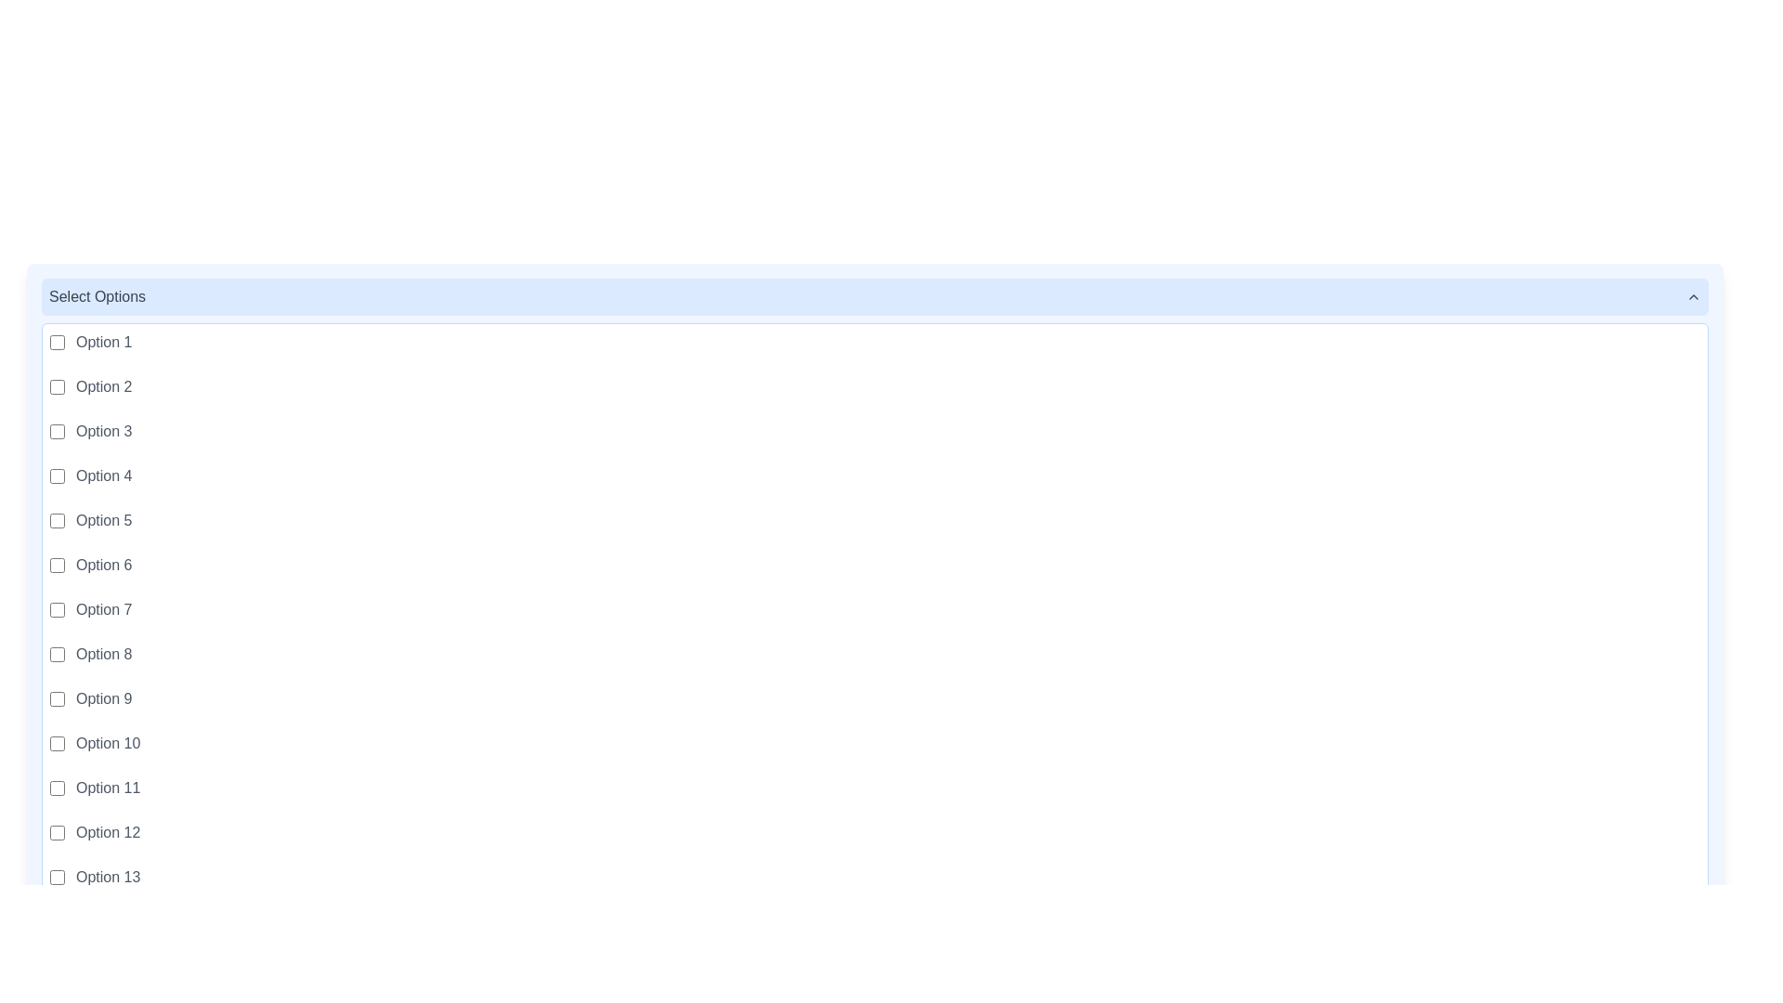 This screenshot has width=1783, height=1003. Describe the element at coordinates (103, 520) in the screenshot. I see `the label displaying 'Option 5' in gray color` at that location.